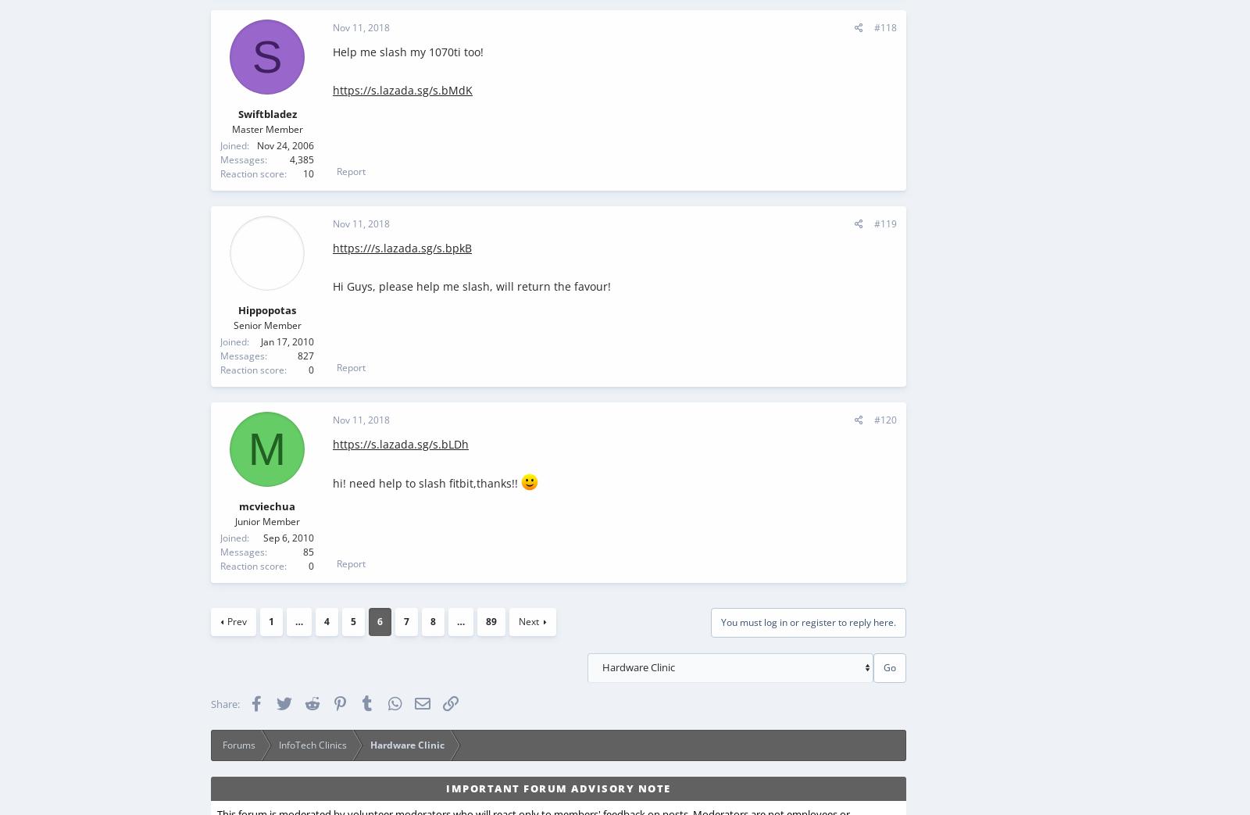 The width and height of the screenshot is (1250, 815). What do you see at coordinates (402, 89) in the screenshot?
I see `'https://s.lazada.sg/s.bMdK'` at bounding box center [402, 89].